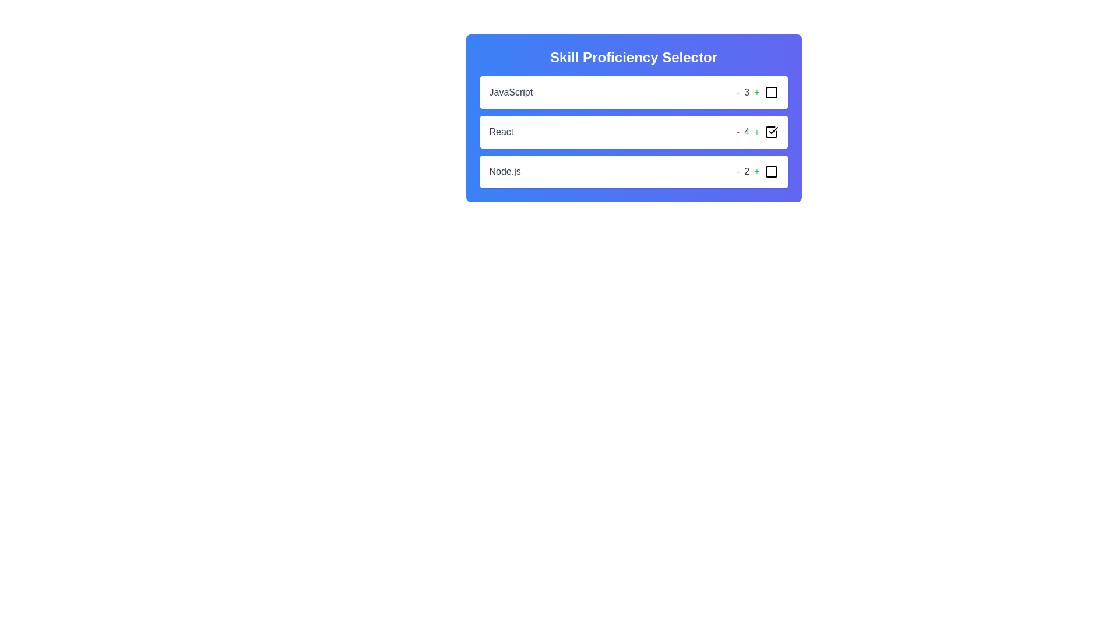  I want to click on the '-' button next to the skill 'JavaScript' to decrease its level, so click(737, 91).